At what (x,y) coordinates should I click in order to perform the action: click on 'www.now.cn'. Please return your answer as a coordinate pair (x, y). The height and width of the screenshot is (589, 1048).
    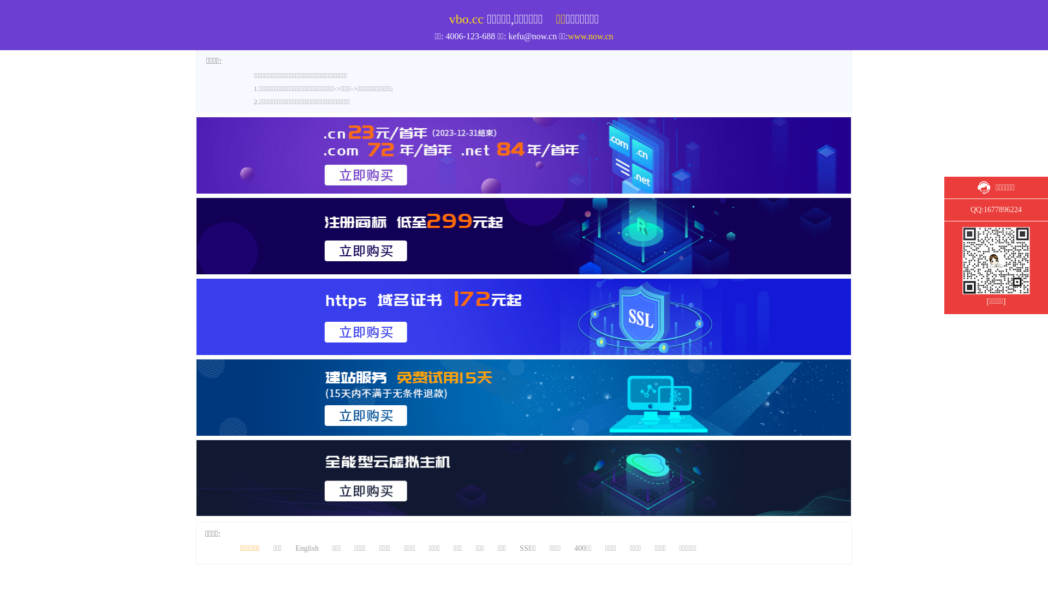
    Looking at the image, I should click on (589, 35).